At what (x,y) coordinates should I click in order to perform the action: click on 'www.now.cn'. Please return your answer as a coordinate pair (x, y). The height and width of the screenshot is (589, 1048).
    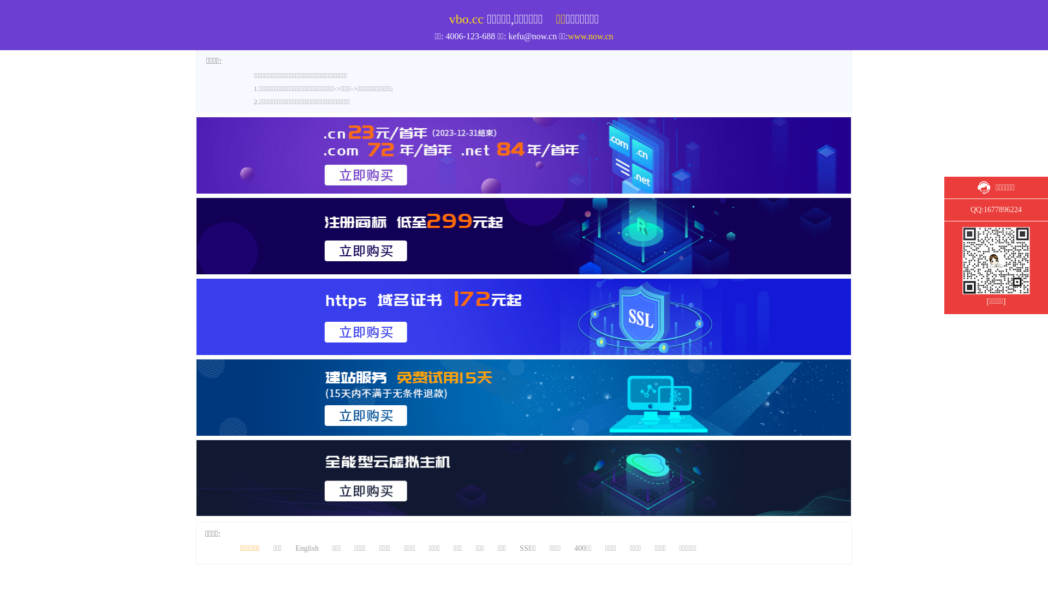
    Looking at the image, I should click on (589, 35).